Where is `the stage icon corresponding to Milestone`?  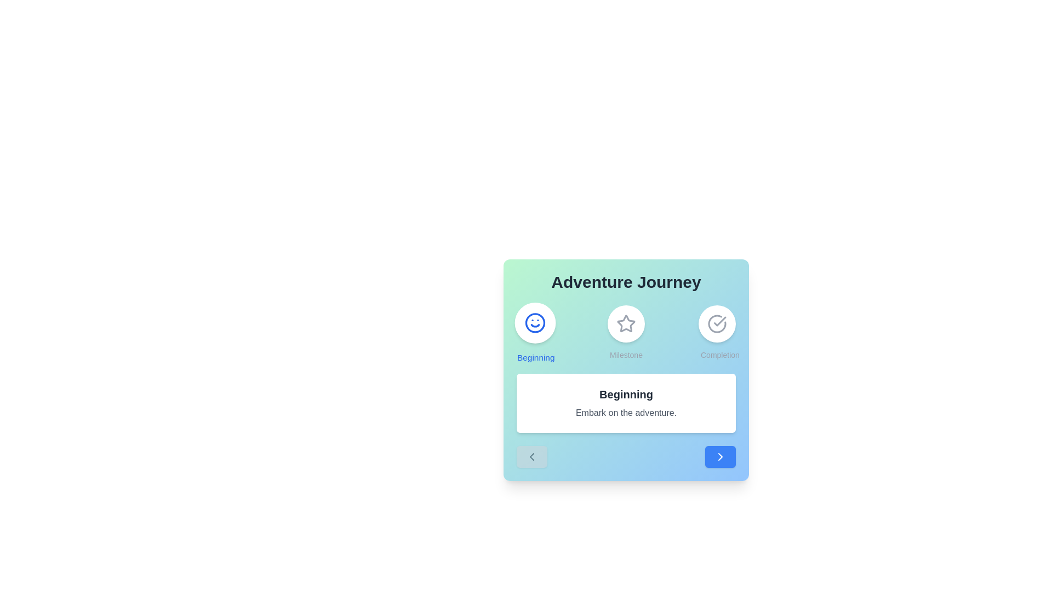 the stage icon corresponding to Milestone is located at coordinates (626, 332).